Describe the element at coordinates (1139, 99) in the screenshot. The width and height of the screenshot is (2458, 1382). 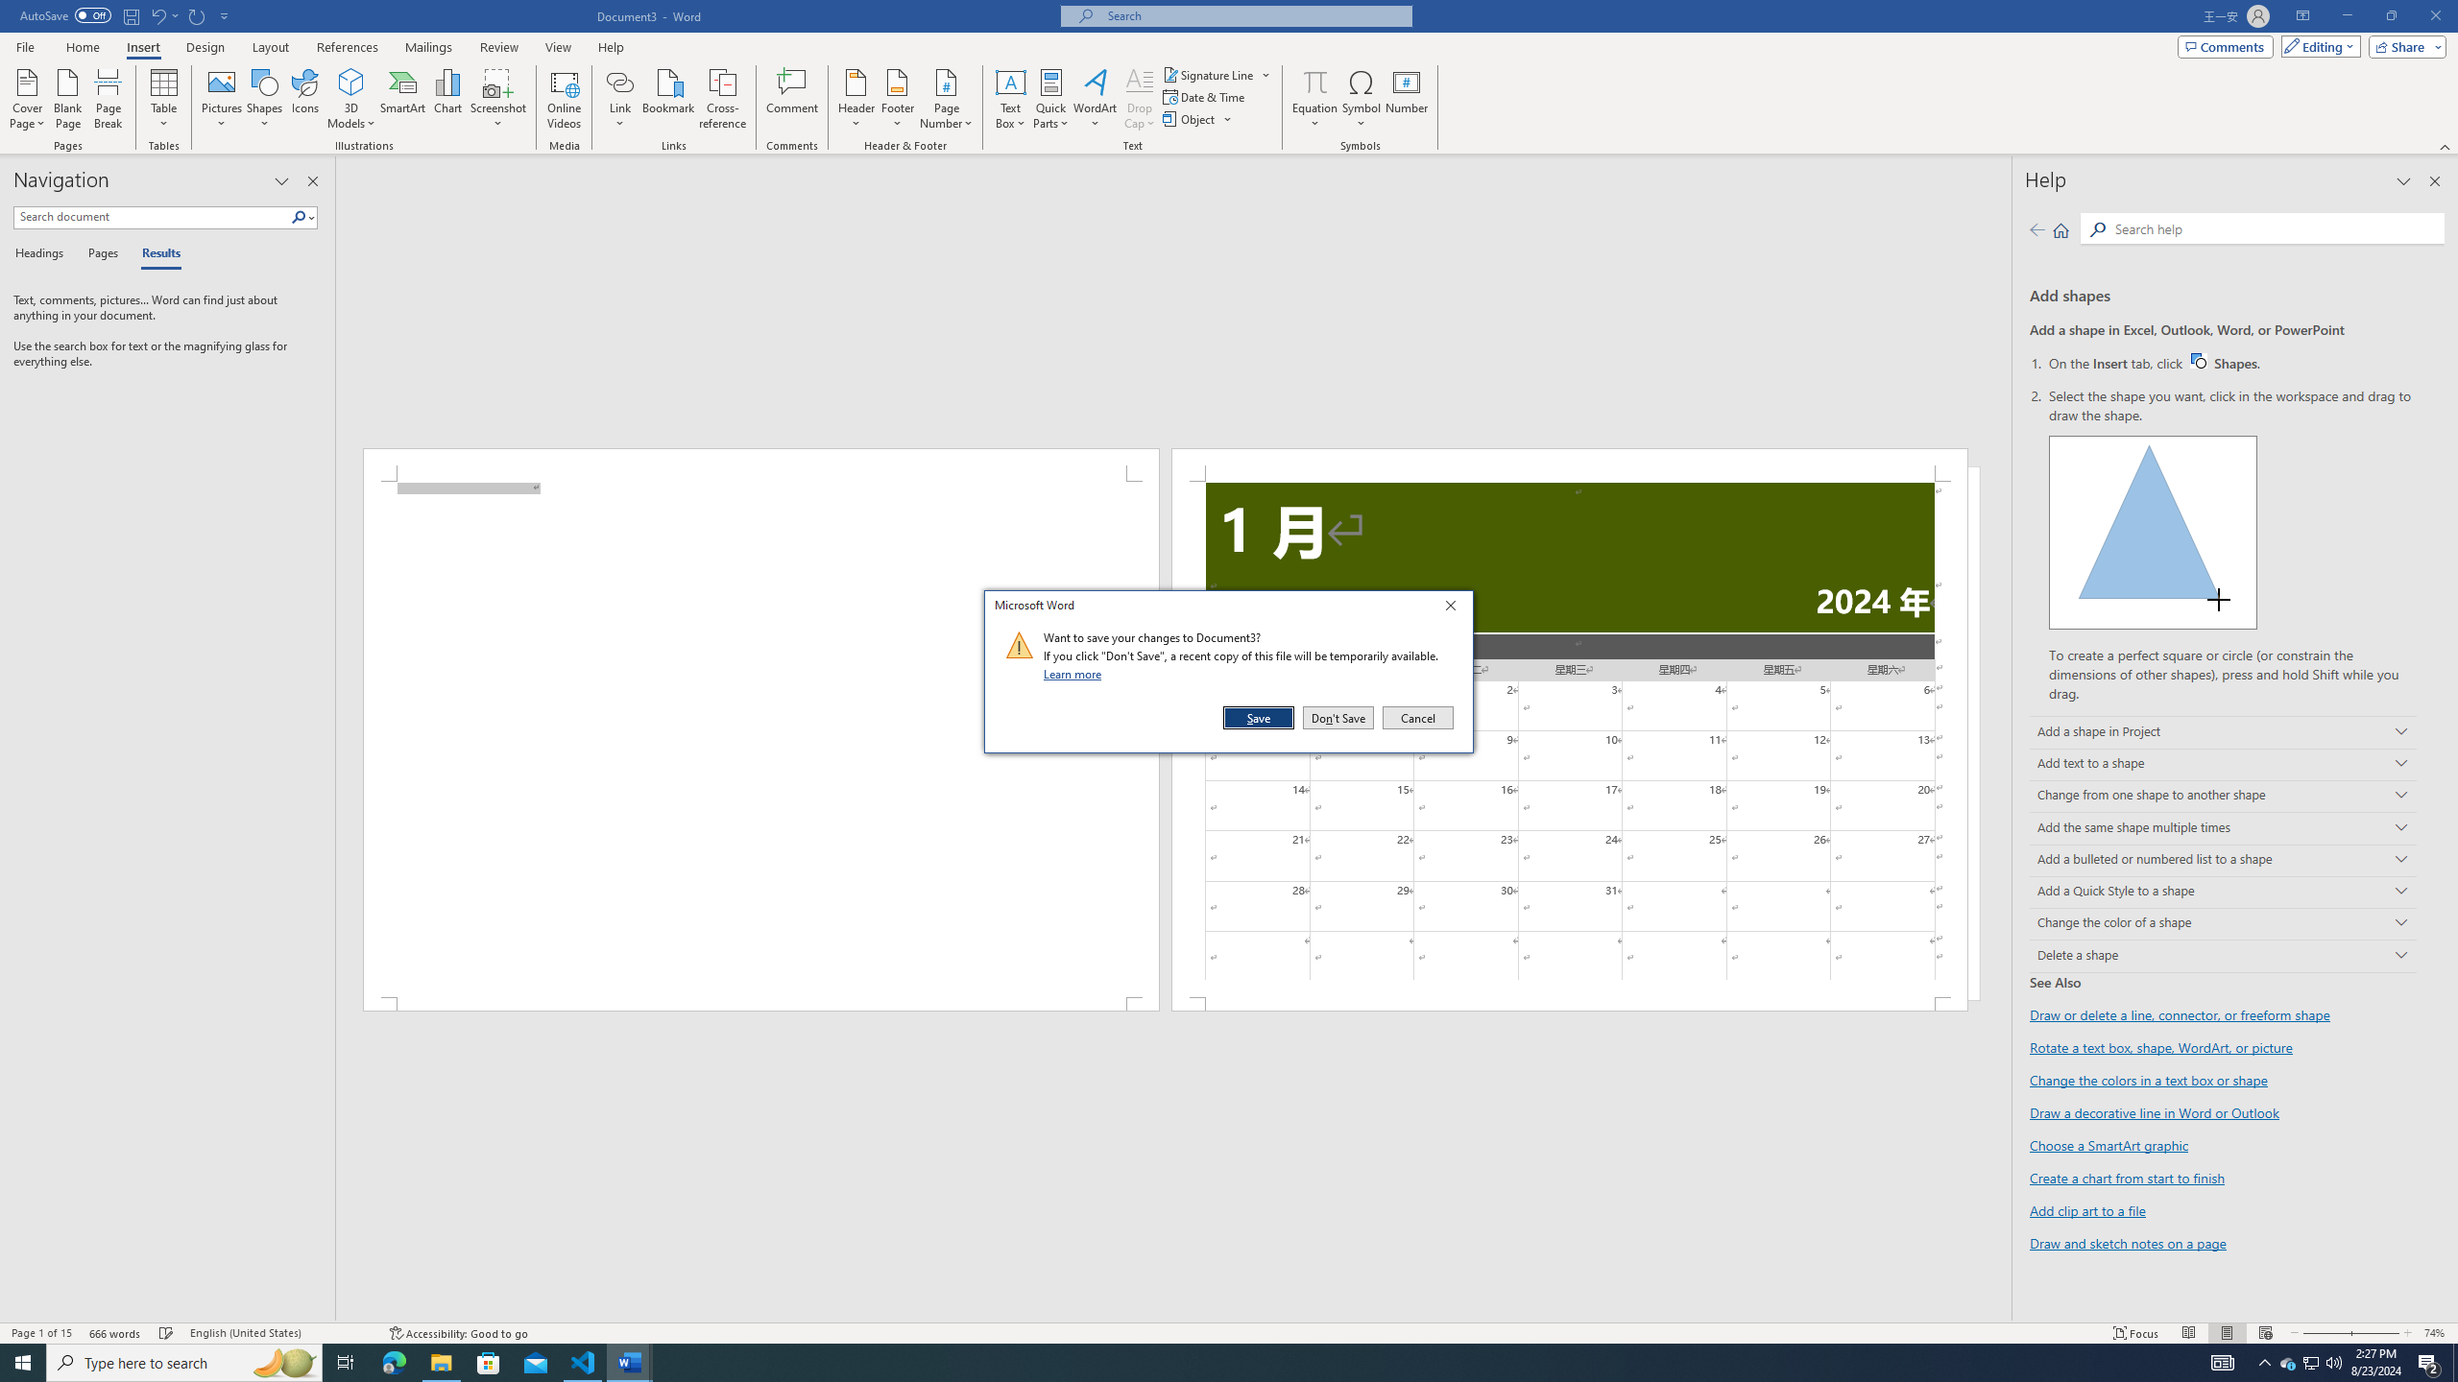
I see `'Drop Cap'` at that location.